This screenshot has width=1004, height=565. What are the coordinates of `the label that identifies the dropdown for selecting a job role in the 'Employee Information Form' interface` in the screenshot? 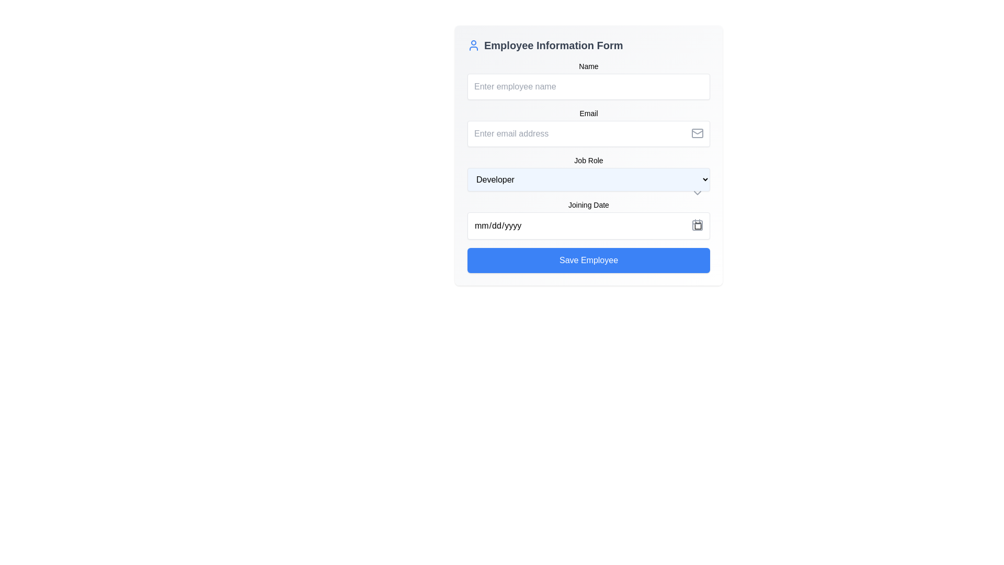 It's located at (589, 161).